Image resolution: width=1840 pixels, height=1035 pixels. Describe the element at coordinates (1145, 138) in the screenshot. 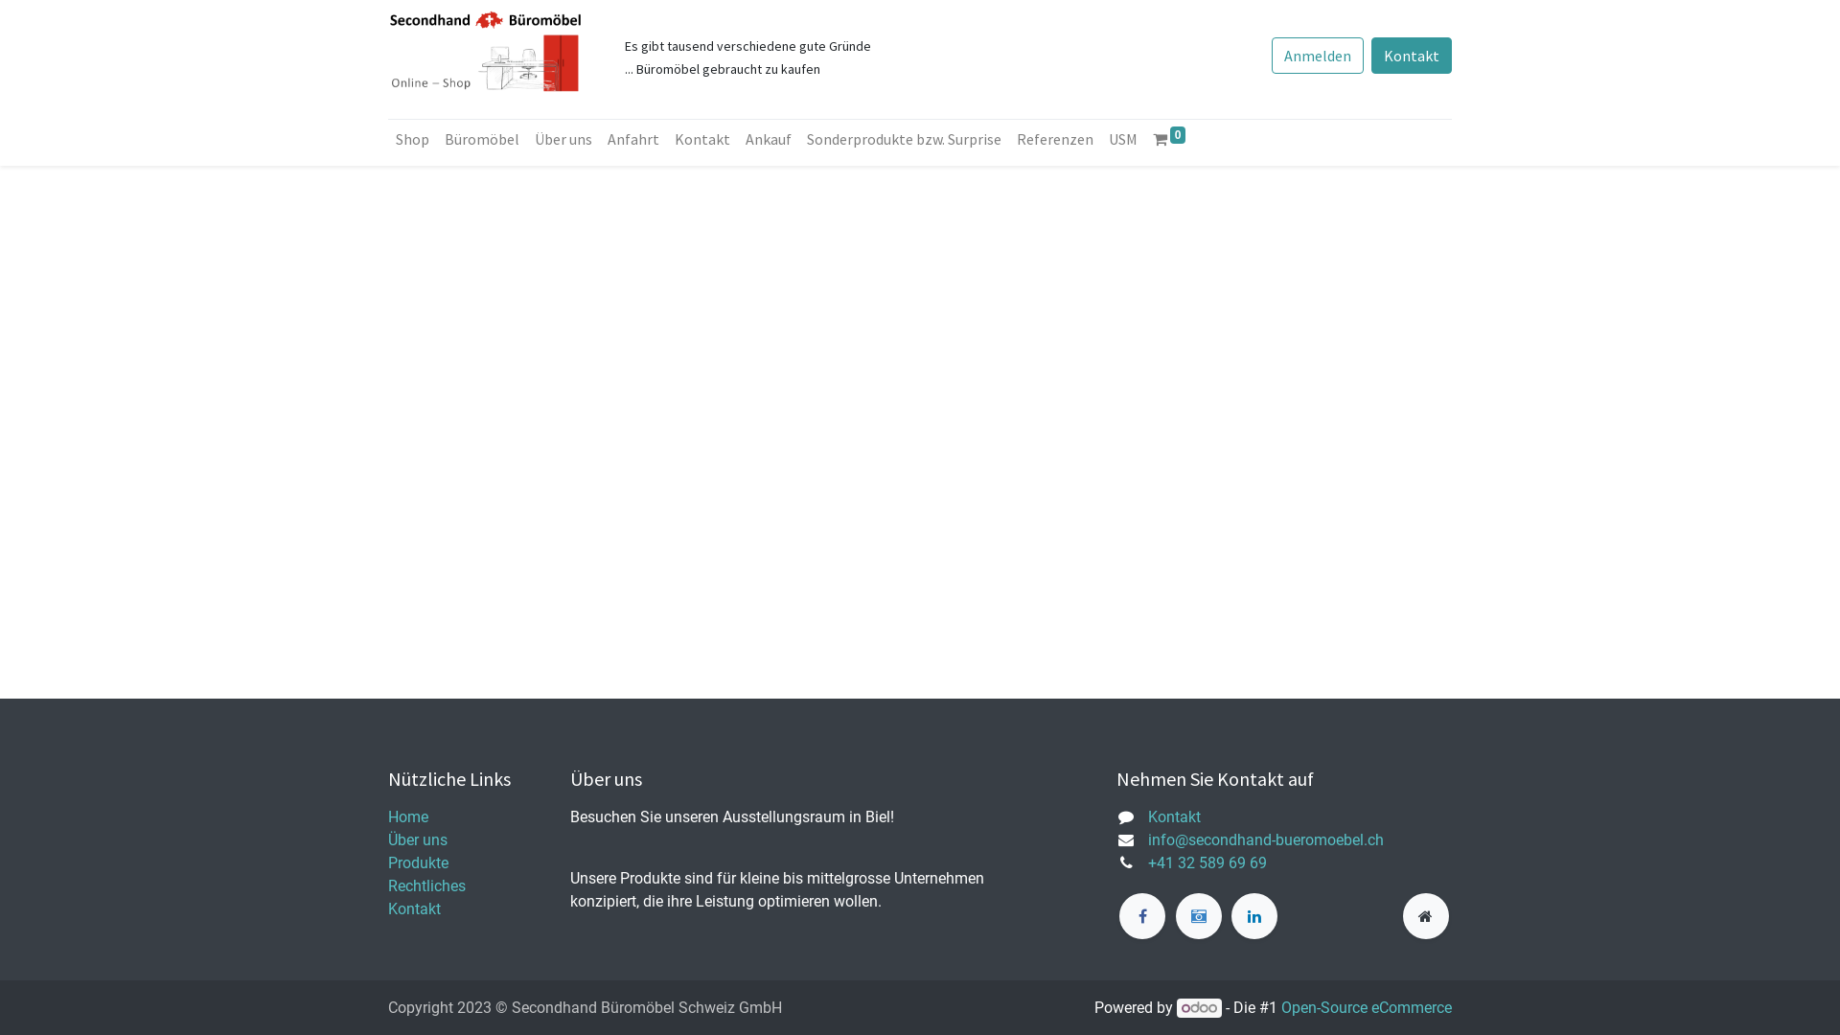

I see `'0'` at that location.